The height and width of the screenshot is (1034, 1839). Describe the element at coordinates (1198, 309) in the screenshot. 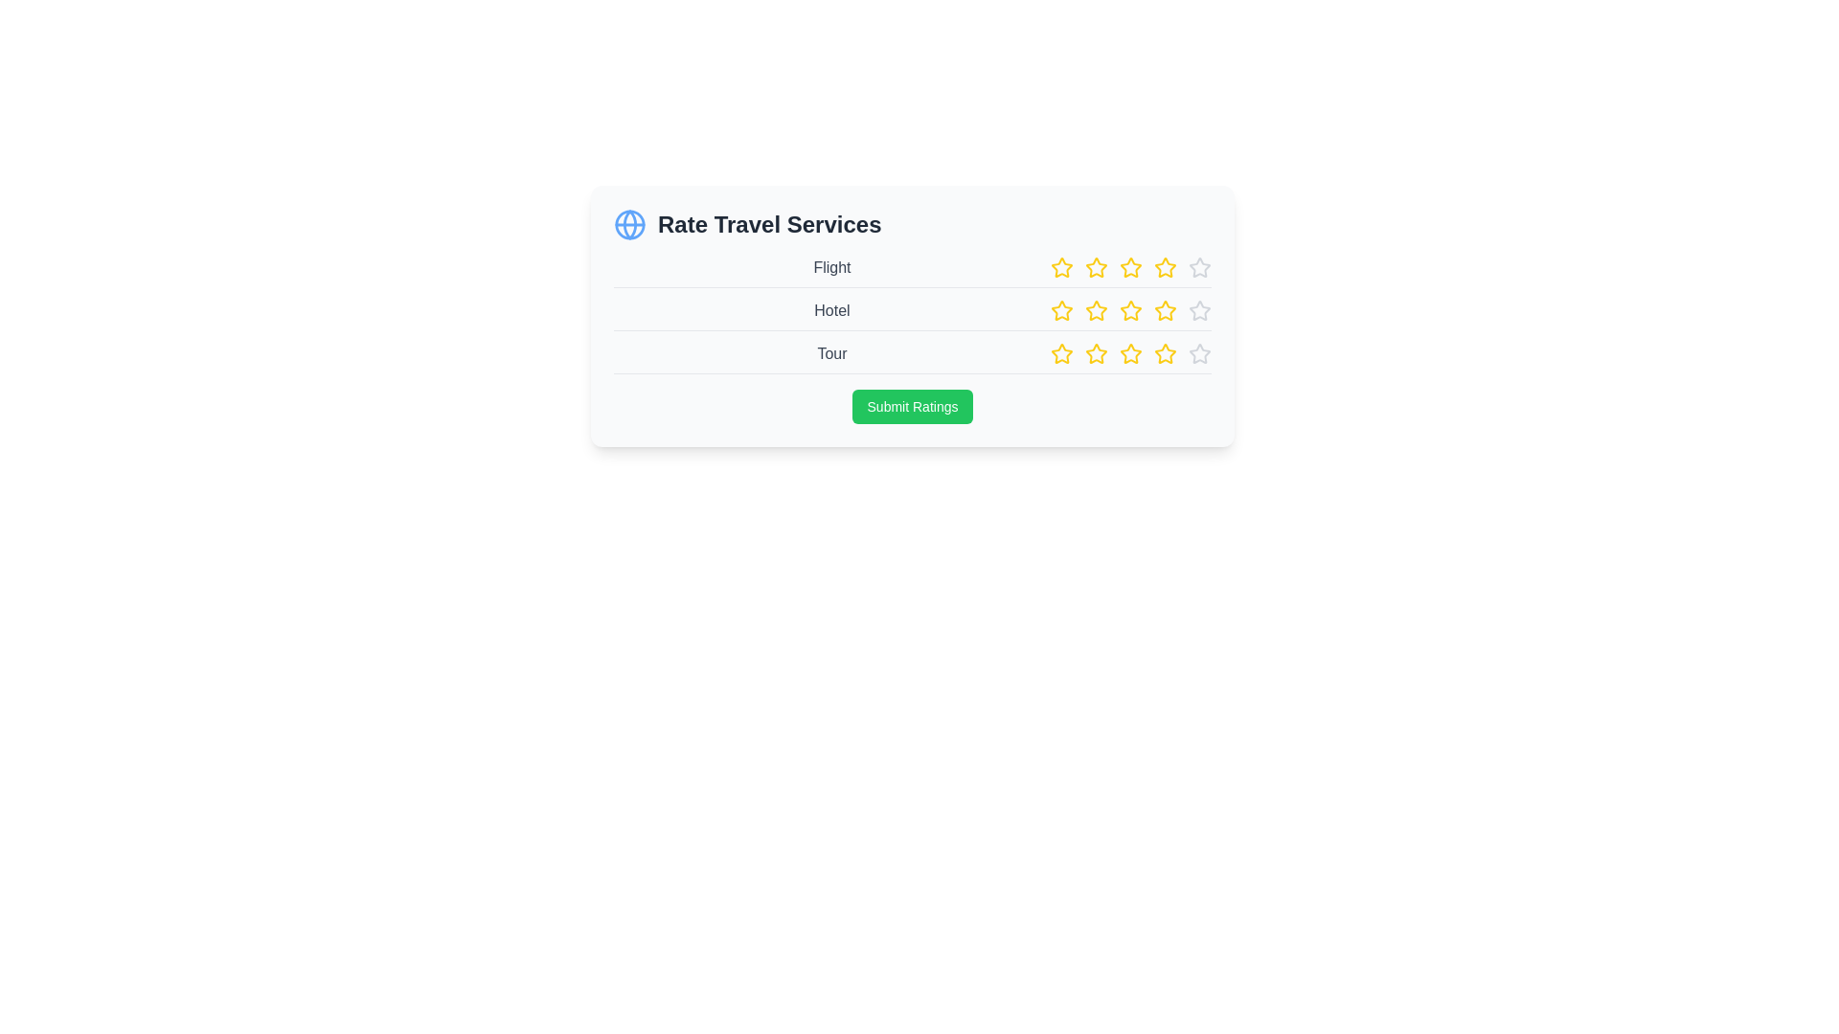

I see `the fifth star in the rating row for 'Hotel' to provide a rating in the 'Rate Travel Services' interface` at that location.